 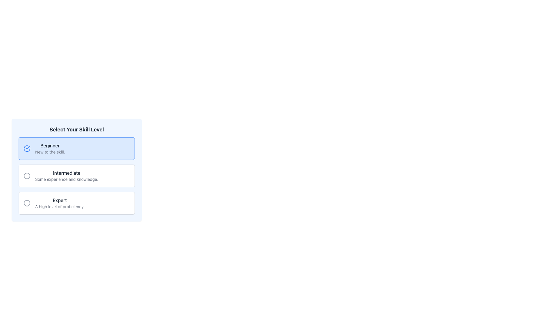 I want to click on the 'Expert' skill level radio button, so click(x=76, y=203).